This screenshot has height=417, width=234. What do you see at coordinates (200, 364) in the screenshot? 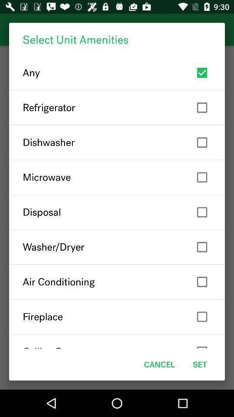
I see `the set` at bounding box center [200, 364].